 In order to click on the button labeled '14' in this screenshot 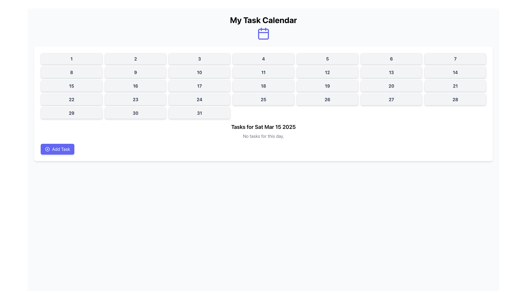, I will do `click(455, 72)`.